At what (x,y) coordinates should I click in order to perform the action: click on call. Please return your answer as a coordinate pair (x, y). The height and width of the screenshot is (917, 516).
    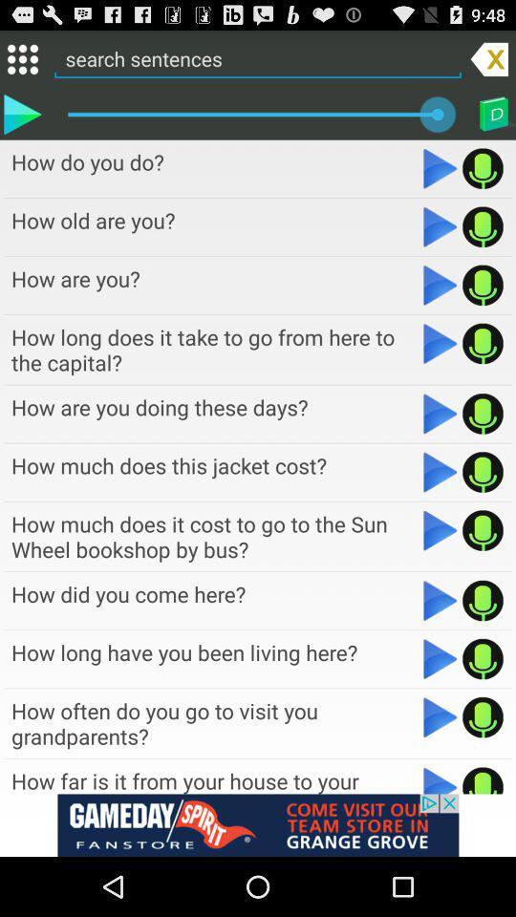
    Looking at the image, I should click on (482, 284).